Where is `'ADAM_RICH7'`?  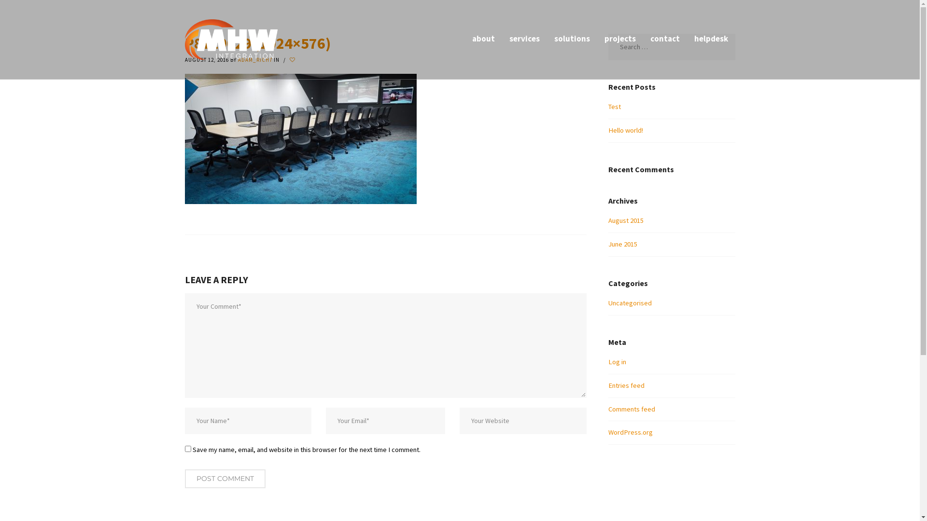
'ADAM_RICH7' is located at coordinates (237, 59).